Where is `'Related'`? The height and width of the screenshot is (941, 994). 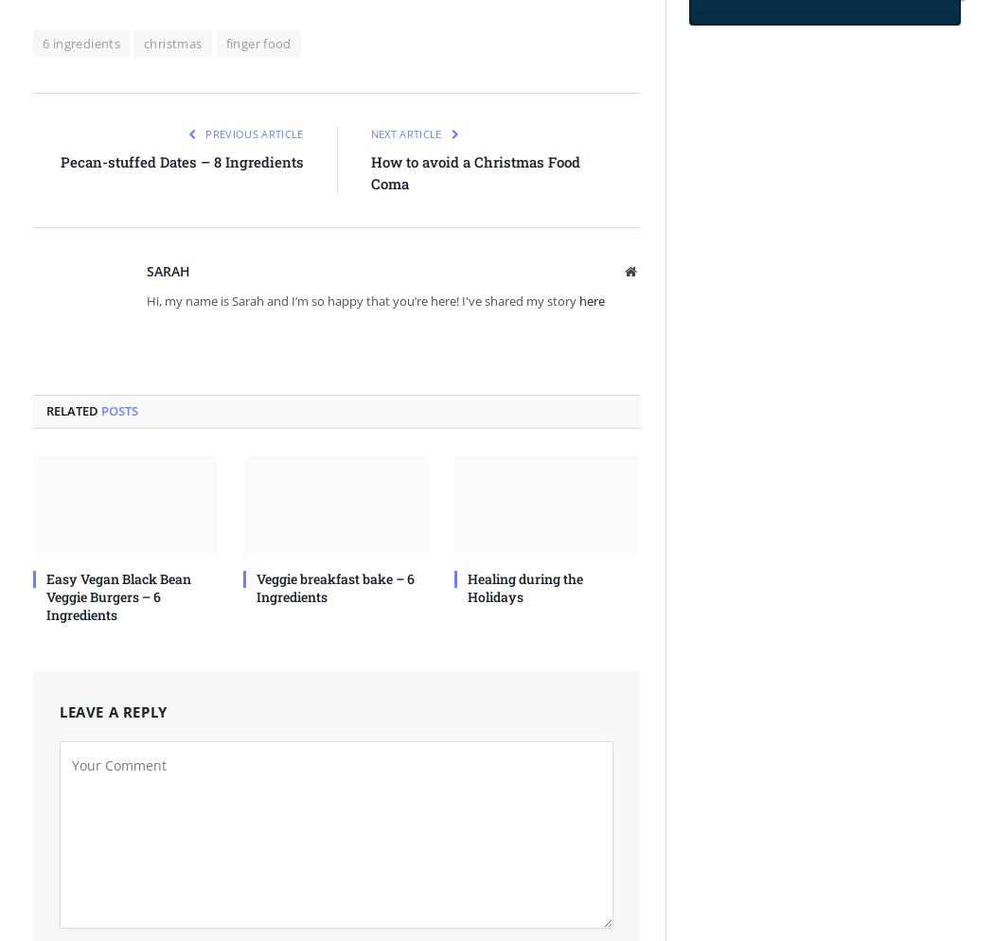
'Related' is located at coordinates (45, 410).